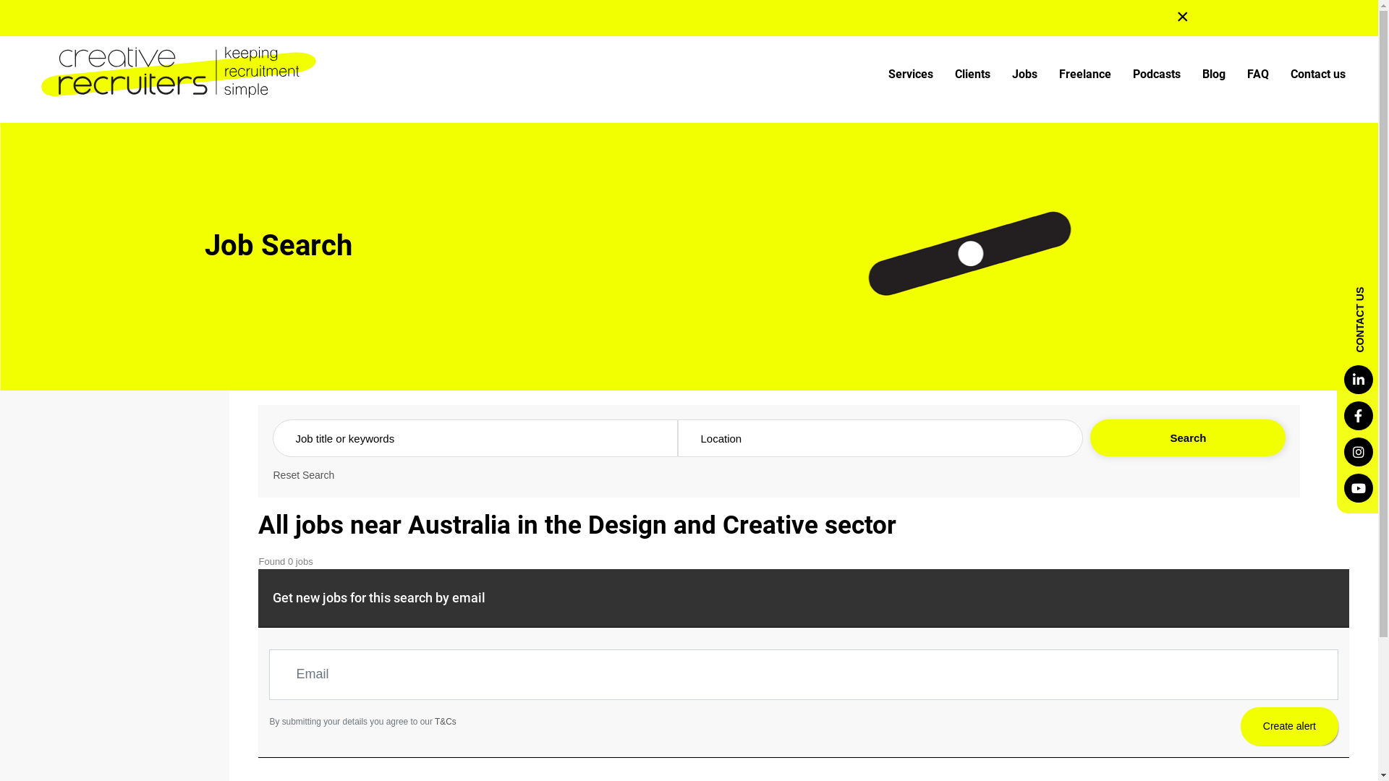  I want to click on 'Youtube', so click(1357, 488).